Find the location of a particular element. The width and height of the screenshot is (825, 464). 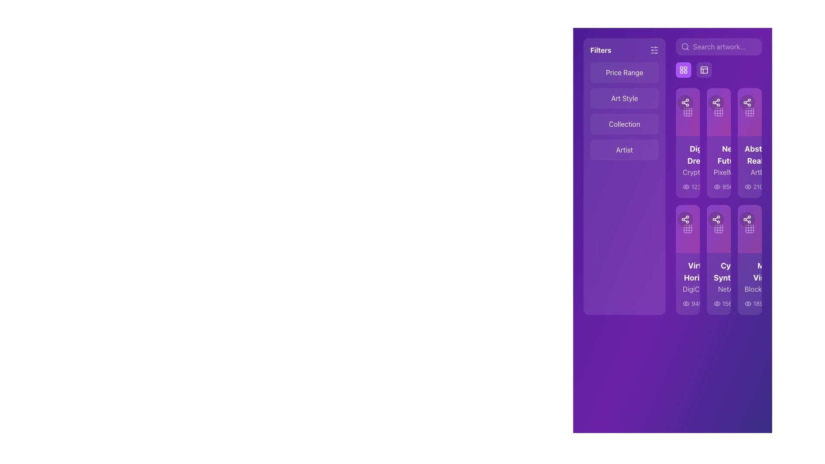

text displayed in the 'Collection' text label located in the sidebar menu, styled in light white text against a purple background is located at coordinates (624, 124).